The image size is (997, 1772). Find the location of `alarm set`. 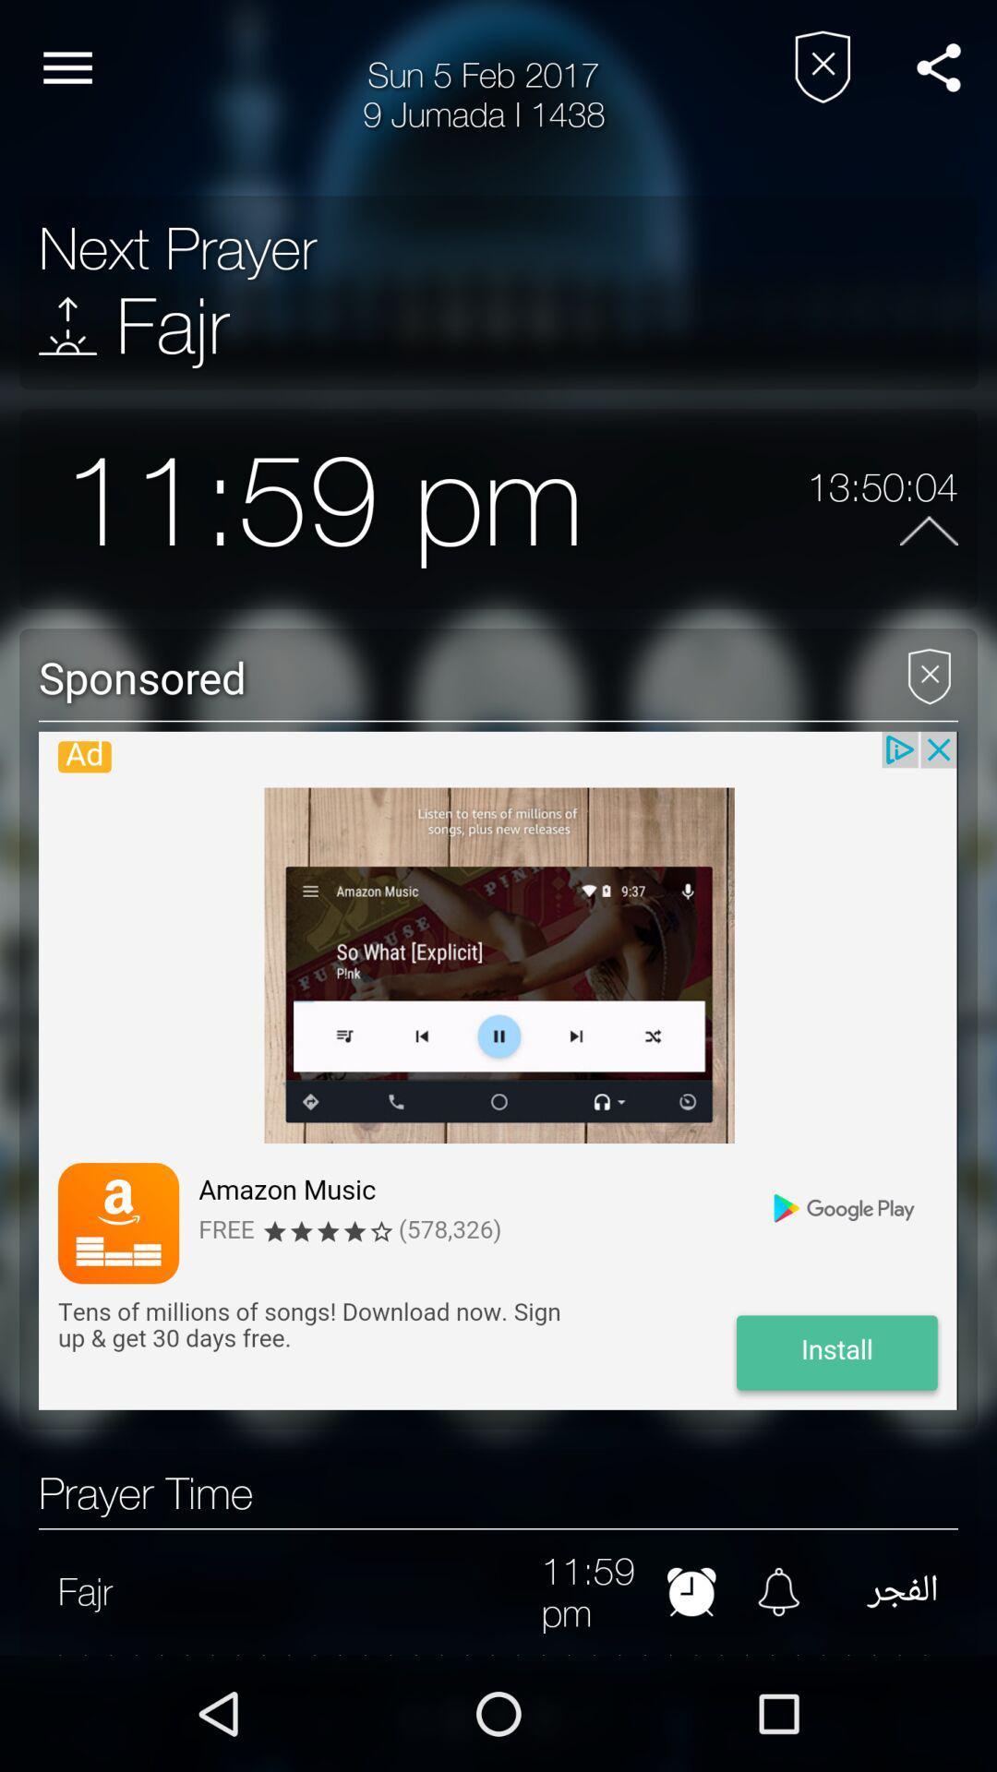

alarm set is located at coordinates (691, 1590).